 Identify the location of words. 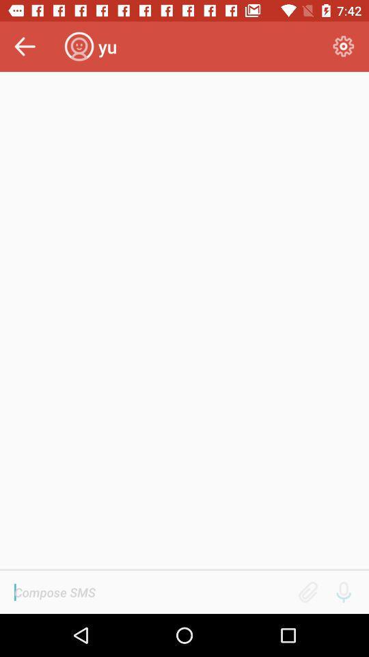
(151, 591).